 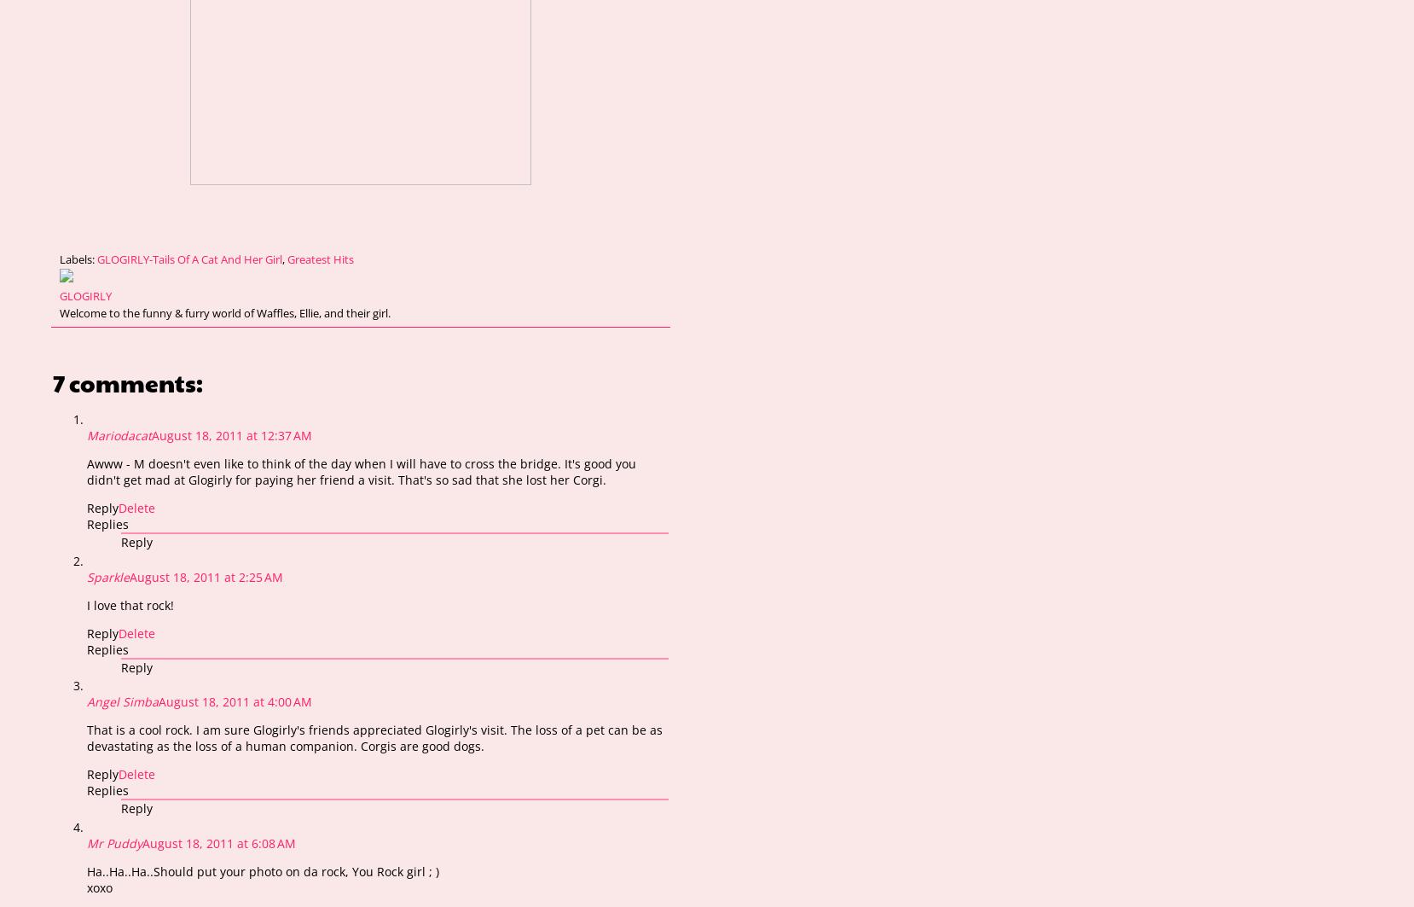 What do you see at coordinates (107, 575) in the screenshot?
I see `'Sparkle'` at bounding box center [107, 575].